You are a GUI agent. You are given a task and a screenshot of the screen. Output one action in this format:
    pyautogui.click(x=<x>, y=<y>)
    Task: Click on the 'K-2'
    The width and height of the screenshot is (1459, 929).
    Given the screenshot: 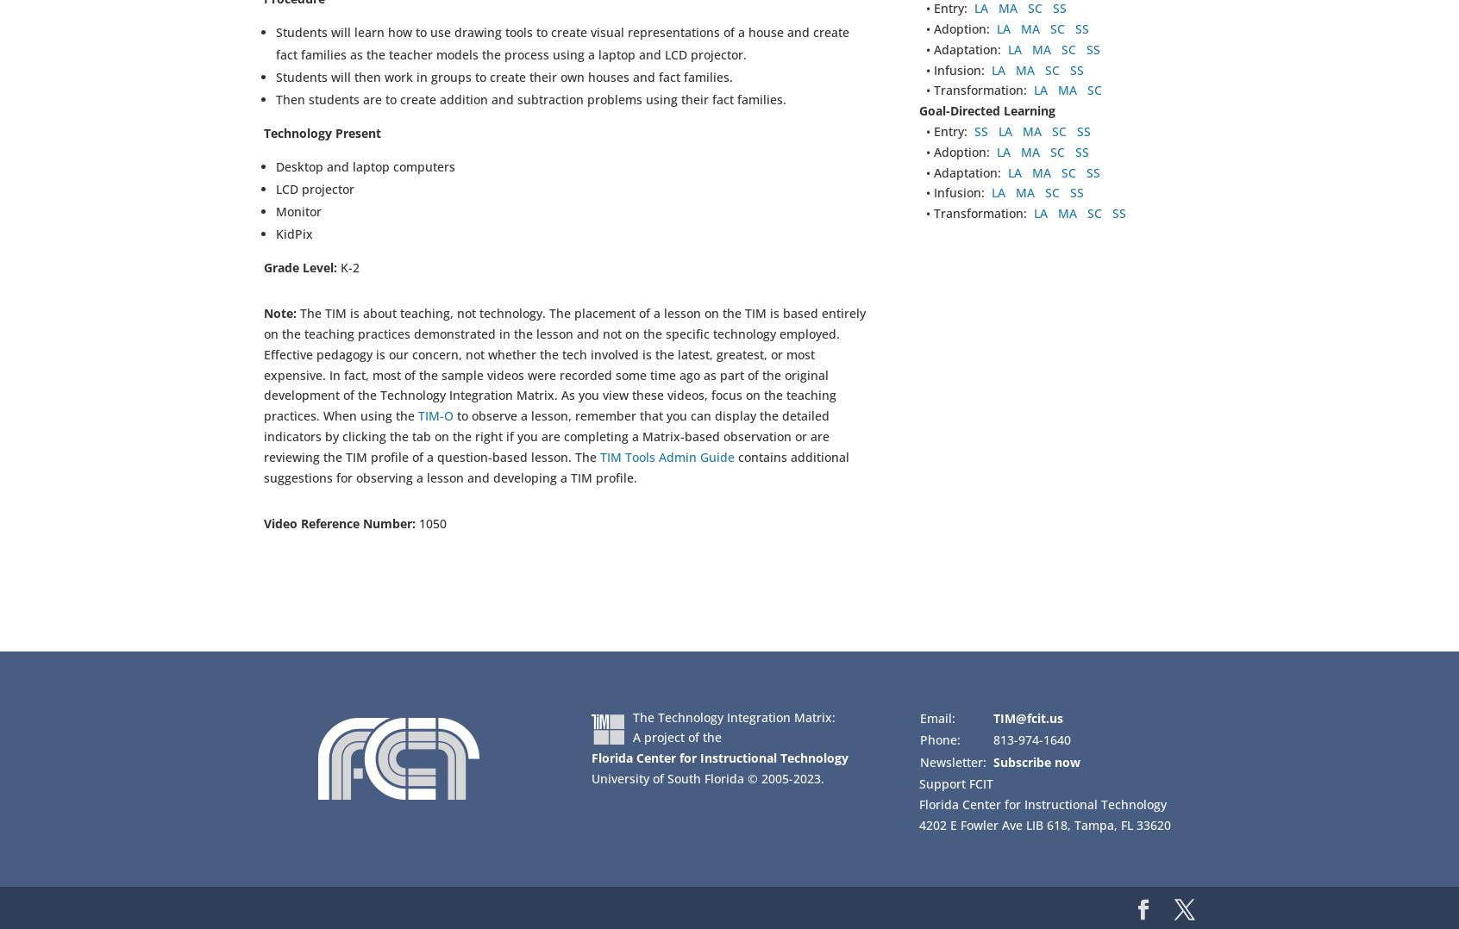 What is the action you would take?
    pyautogui.click(x=348, y=265)
    